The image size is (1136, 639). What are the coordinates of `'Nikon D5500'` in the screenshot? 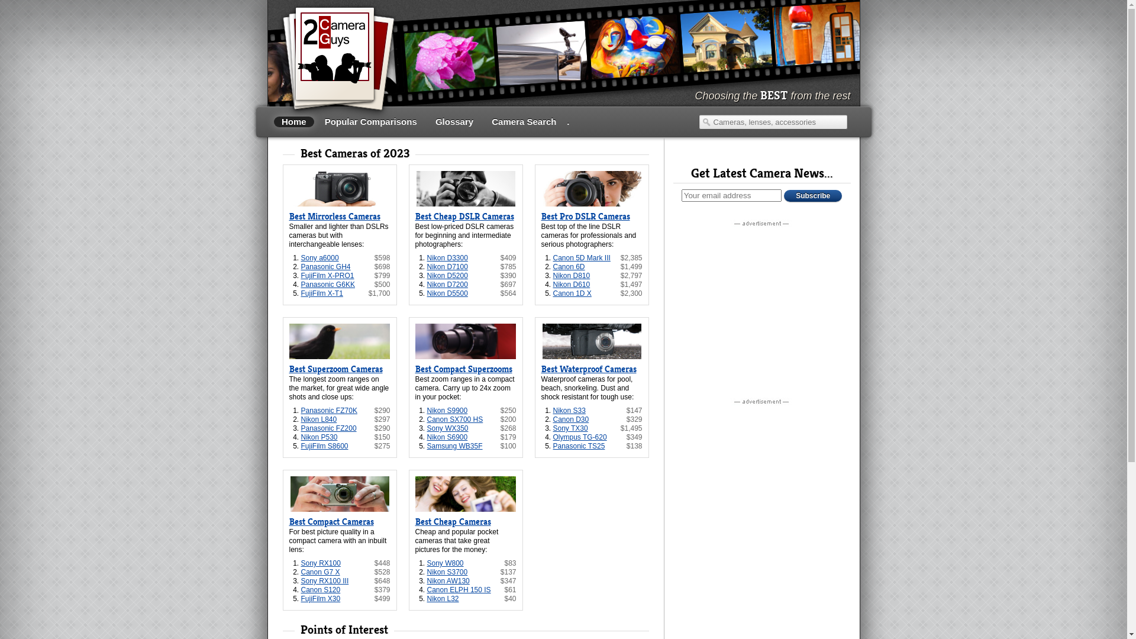 It's located at (426, 293).